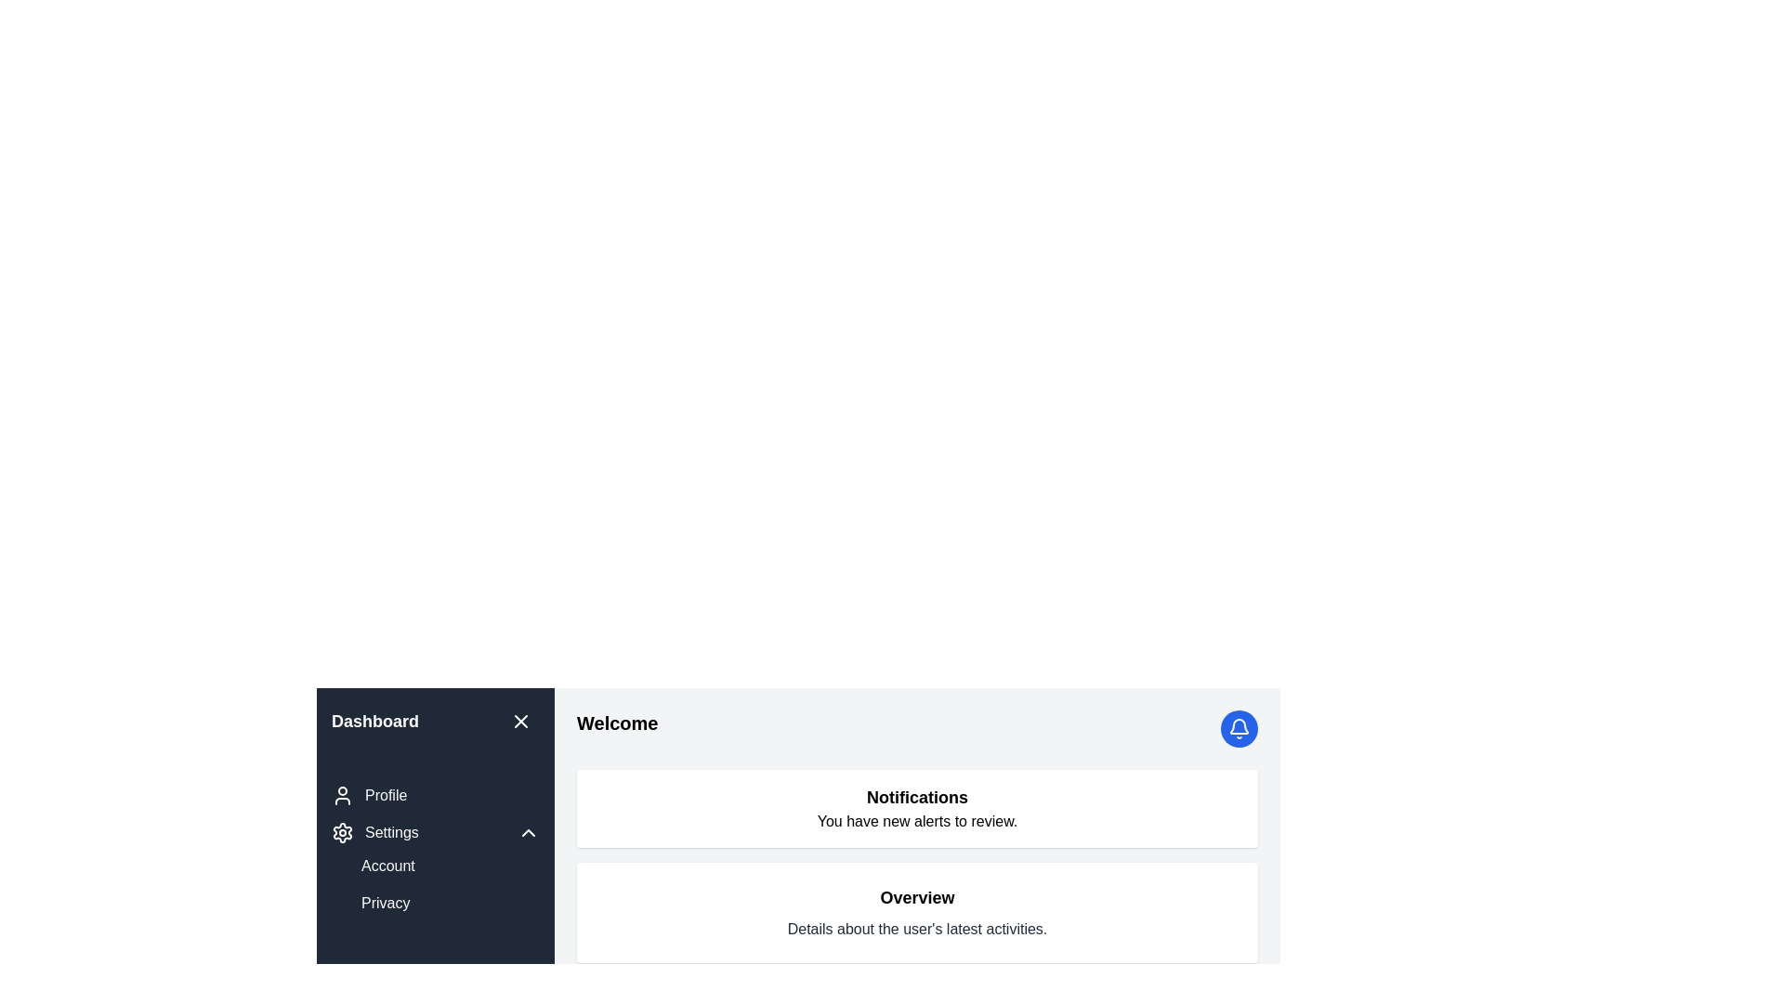 The width and height of the screenshot is (1784, 1003). What do you see at coordinates (917, 897) in the screenshot?
I see `the bolded text heading element that reads 'Overview', which is styled with a larger font size and displayed on a white background, located centrally in the UI above the descriptive text 'Details about the user's latest activities'` at bounding box center [917, 897].